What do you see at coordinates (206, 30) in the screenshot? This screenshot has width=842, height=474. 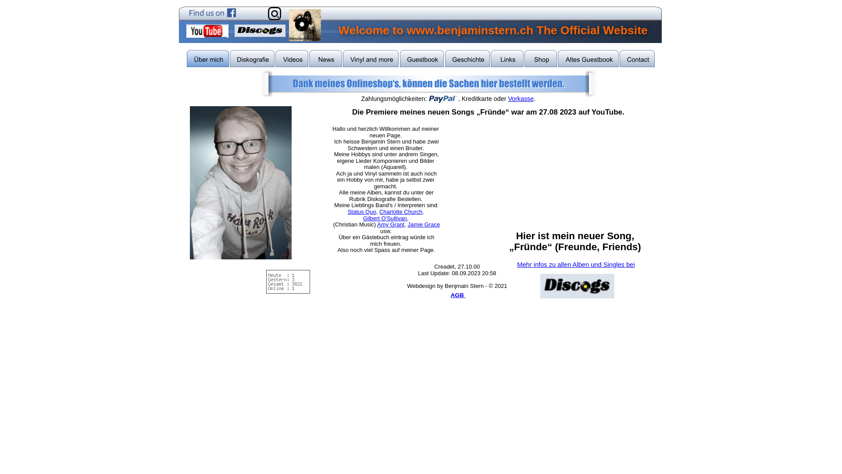 I see `'My Youtube Site'` at bounding box center [206, 30].